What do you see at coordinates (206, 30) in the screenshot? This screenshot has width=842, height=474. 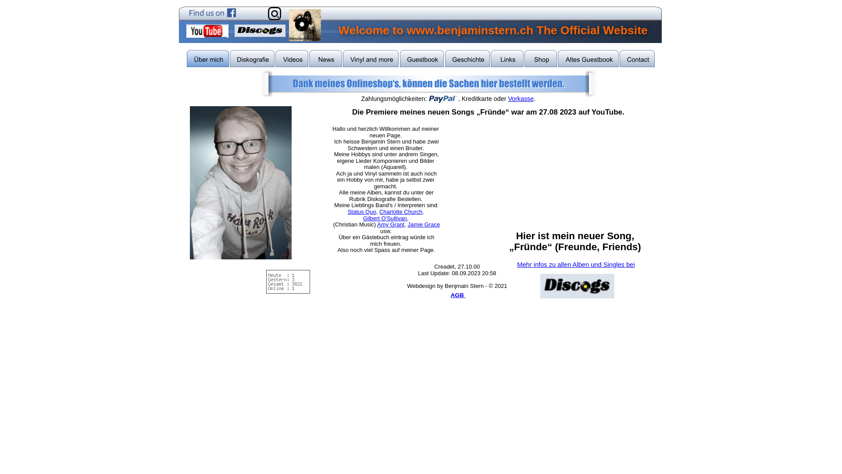 I see `'My Youtube Site'` at bounding box center [206, 30].